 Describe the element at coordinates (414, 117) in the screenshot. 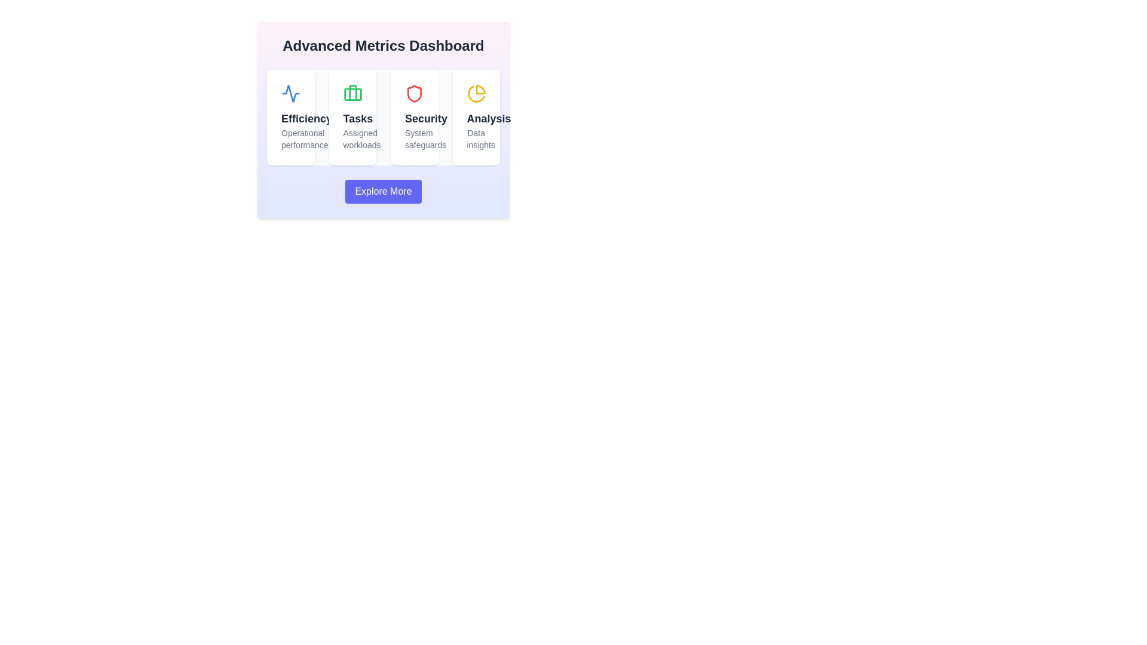

I see `the Information Card, which is the third item in a four-item grid layout, positioned between the 'Tasks' and 'Analysis' items` at that location.